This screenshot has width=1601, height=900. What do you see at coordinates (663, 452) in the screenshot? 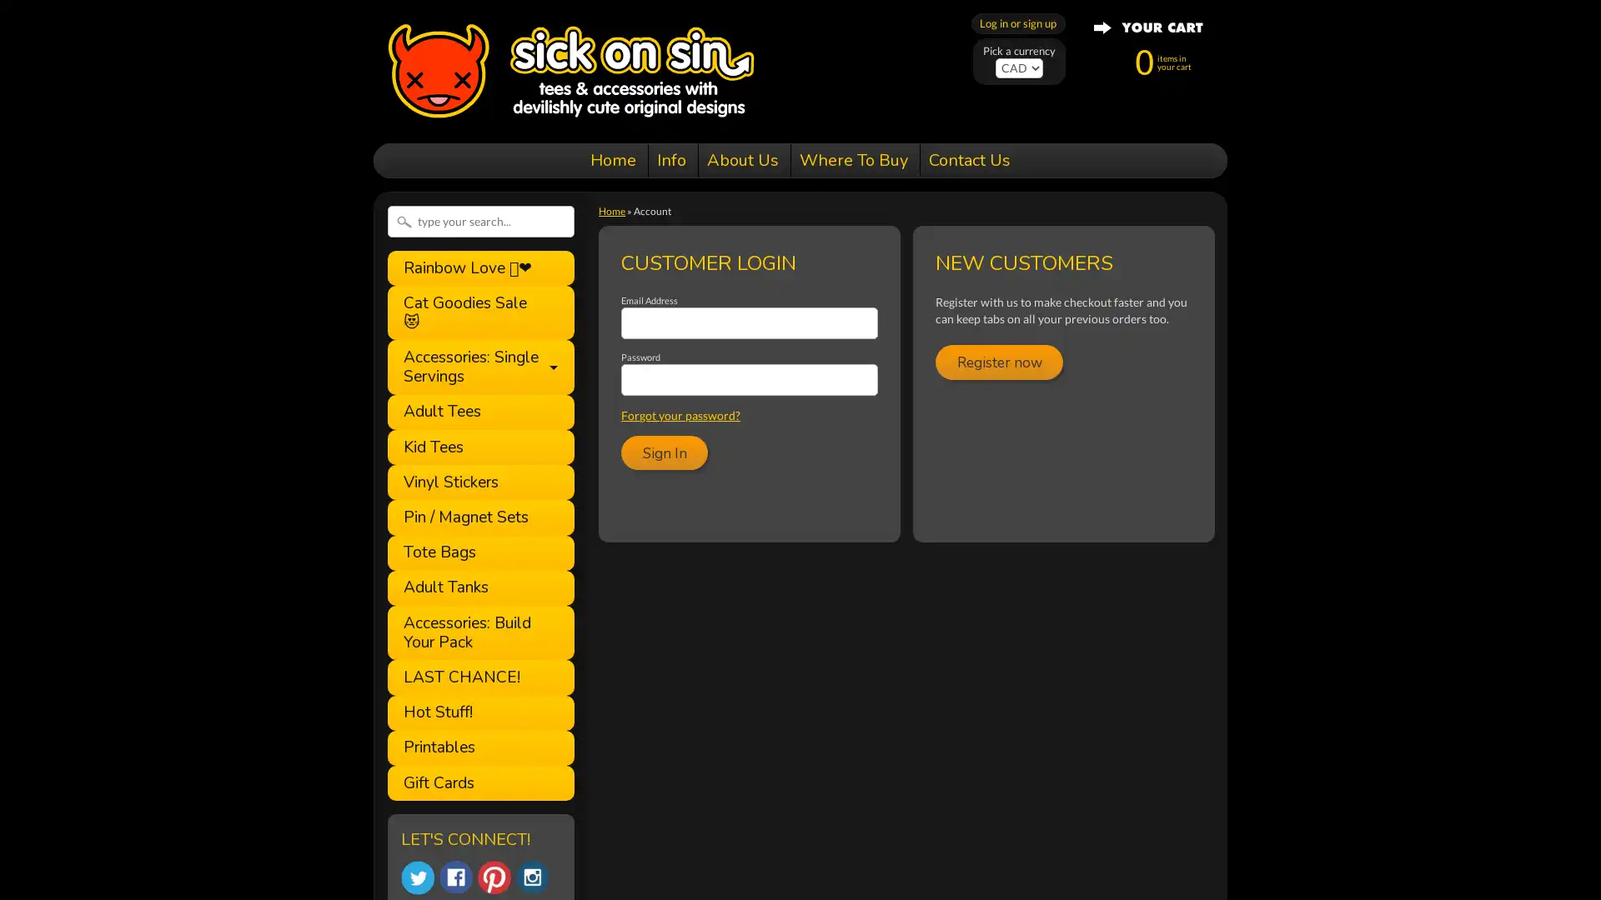
I see `Sign In` at bounding box center [663, 452].